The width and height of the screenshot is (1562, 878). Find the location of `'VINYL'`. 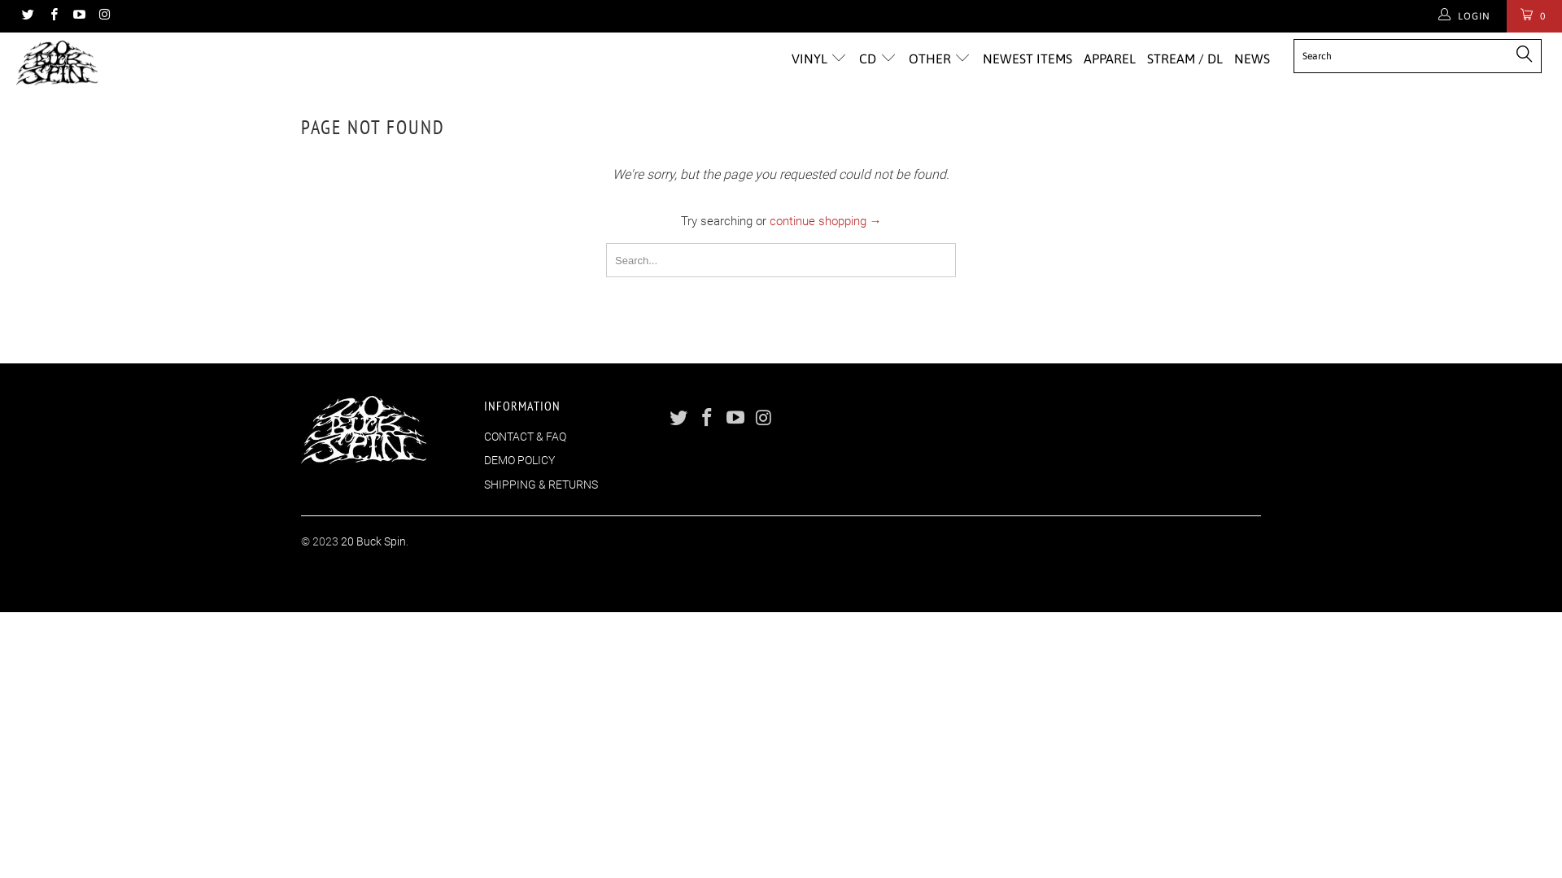

'VINYL' is located at coordinates (792, 58).